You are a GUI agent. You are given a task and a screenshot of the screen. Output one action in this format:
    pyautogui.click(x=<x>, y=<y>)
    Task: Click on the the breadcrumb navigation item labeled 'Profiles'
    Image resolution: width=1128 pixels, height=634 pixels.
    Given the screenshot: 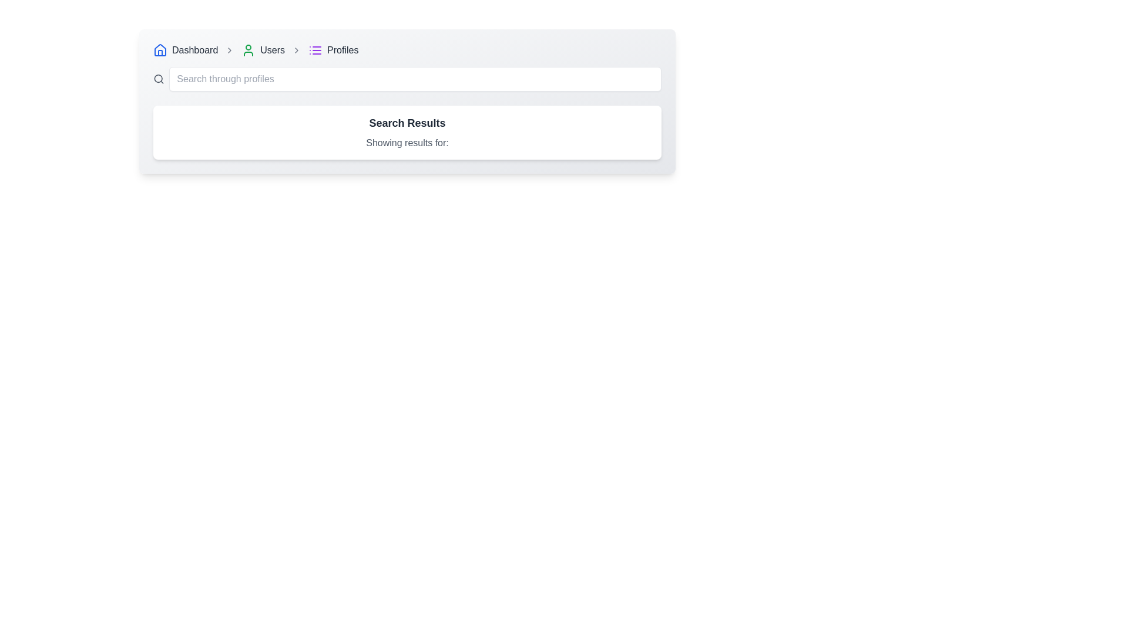 What is the action you would take?
    pyautogui.click(x=342, y=49)
    